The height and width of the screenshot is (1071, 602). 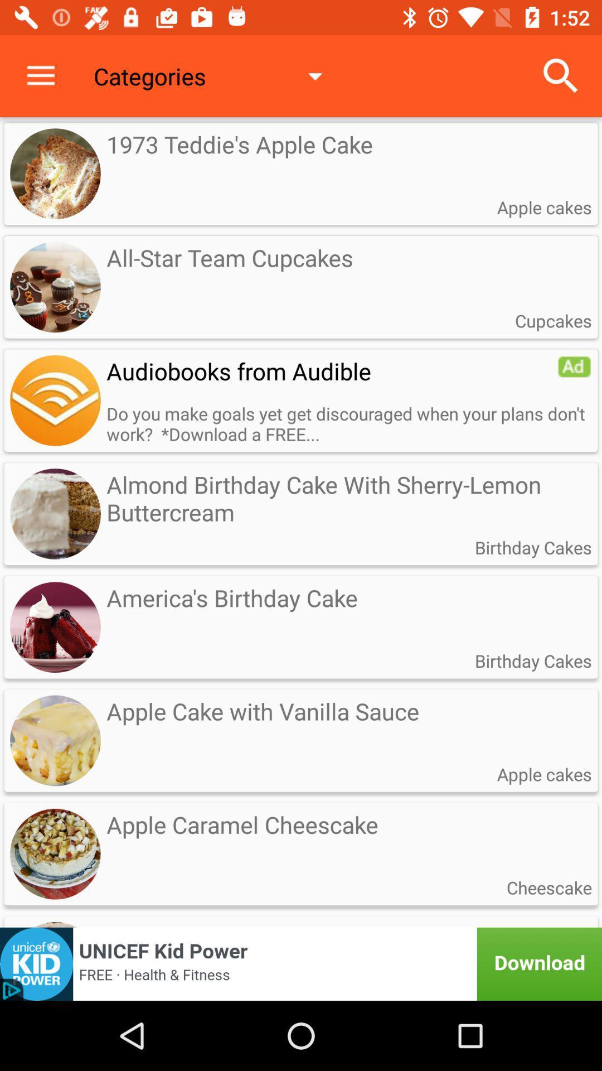 What do you see at coordinates (55, 401) in the screenshot?
I see `audible app page` at bounding box center [55, 401].